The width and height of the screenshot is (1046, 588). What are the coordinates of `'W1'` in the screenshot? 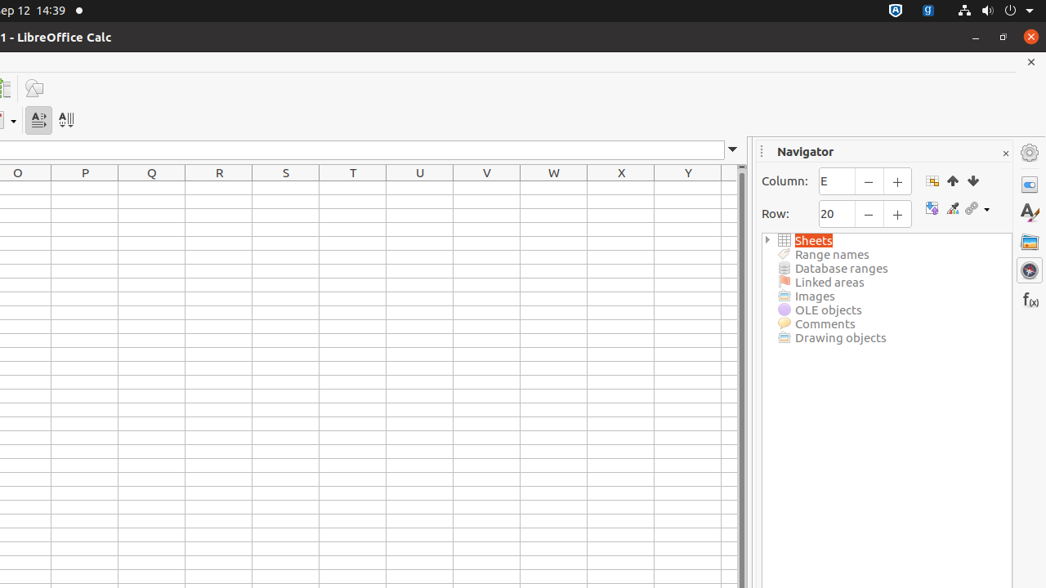 It's located at (554, 187).